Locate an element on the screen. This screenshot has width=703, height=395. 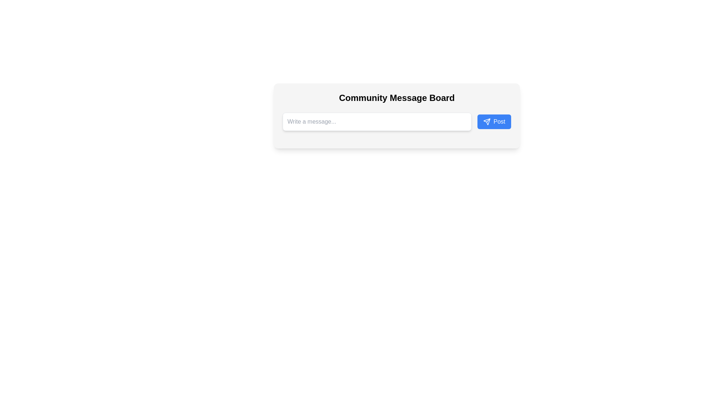
the large and bold header labeled 'Community Message Board', which is centrally placed in a light-colored background above the input field and the 'Post' button is located at coordinates (397, 97).